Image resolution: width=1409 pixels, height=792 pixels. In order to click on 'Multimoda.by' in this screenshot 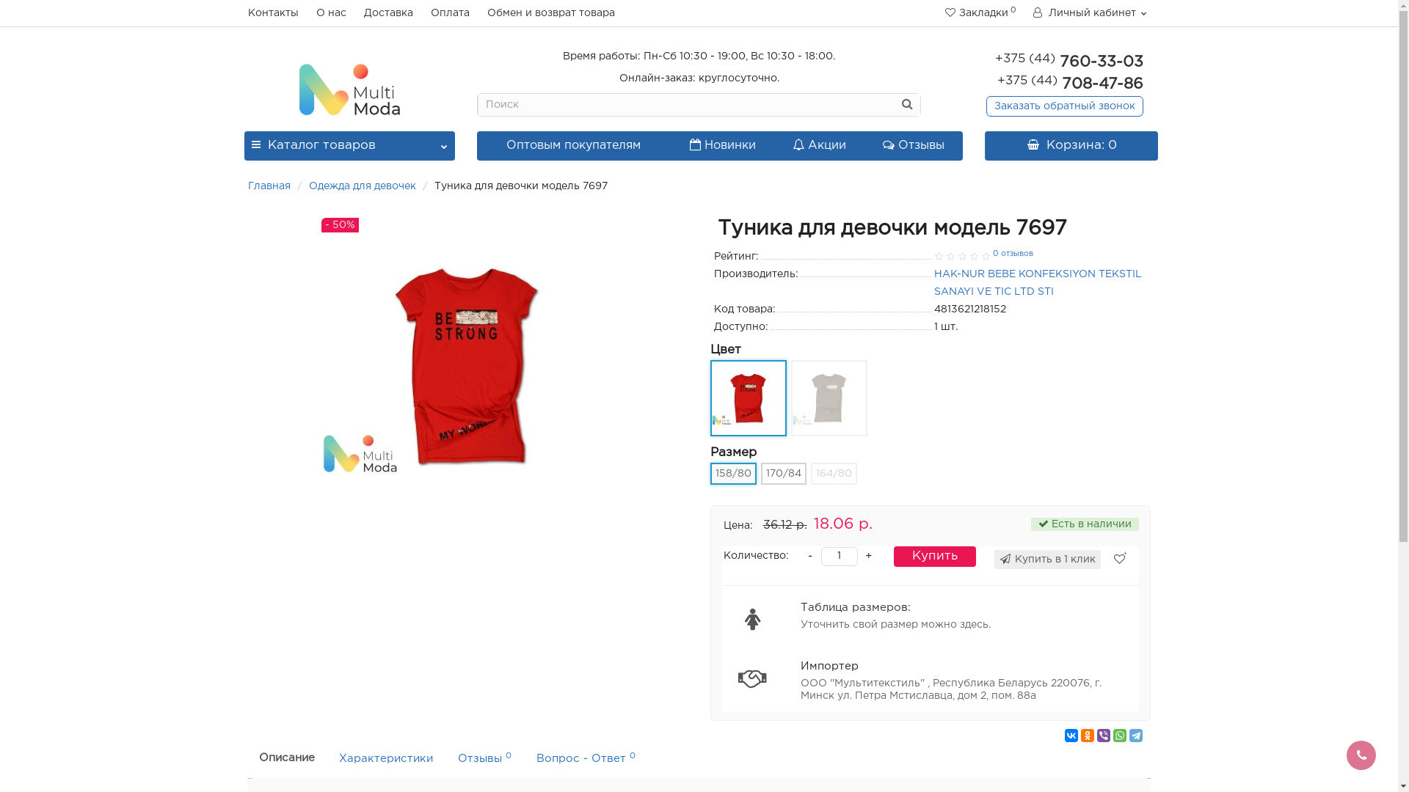, I will do `click(299, 89)`.